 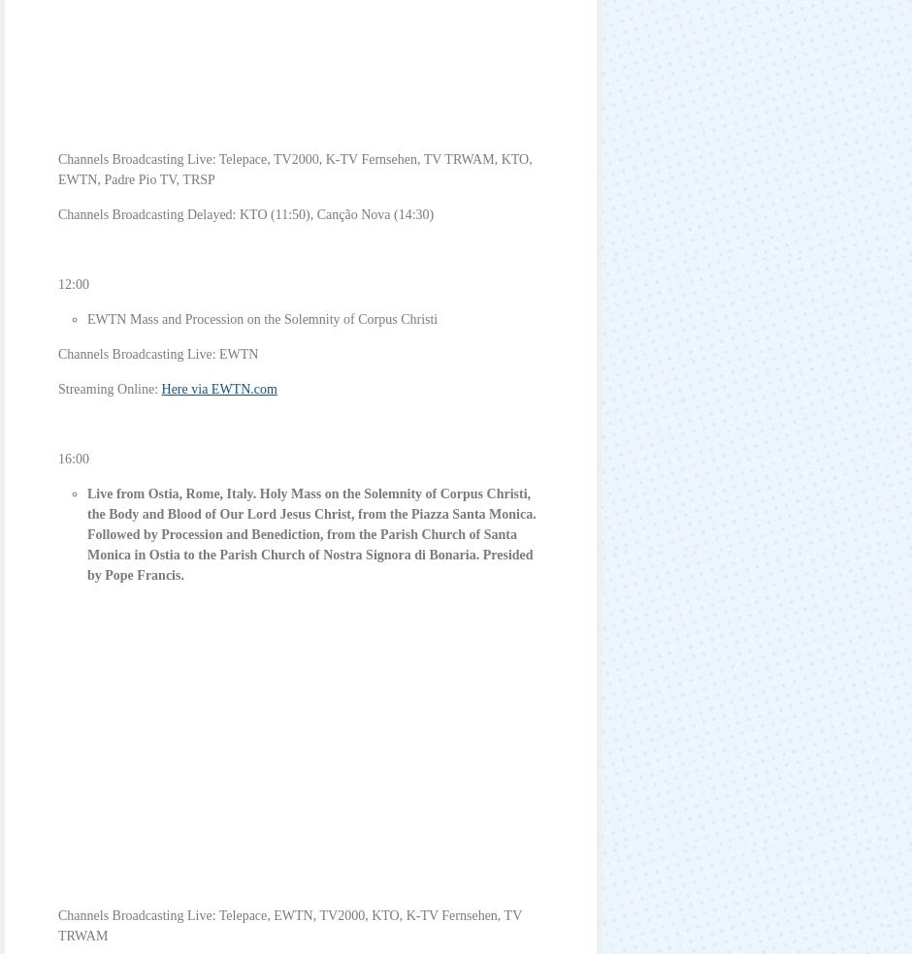 What do you see at coordinates (245, 214) in the screenshot?
I see `'Channels Broadcasting Delayed: KTO (11:50), Canção Nova (14:30)'` at bounding box center [245, 214].